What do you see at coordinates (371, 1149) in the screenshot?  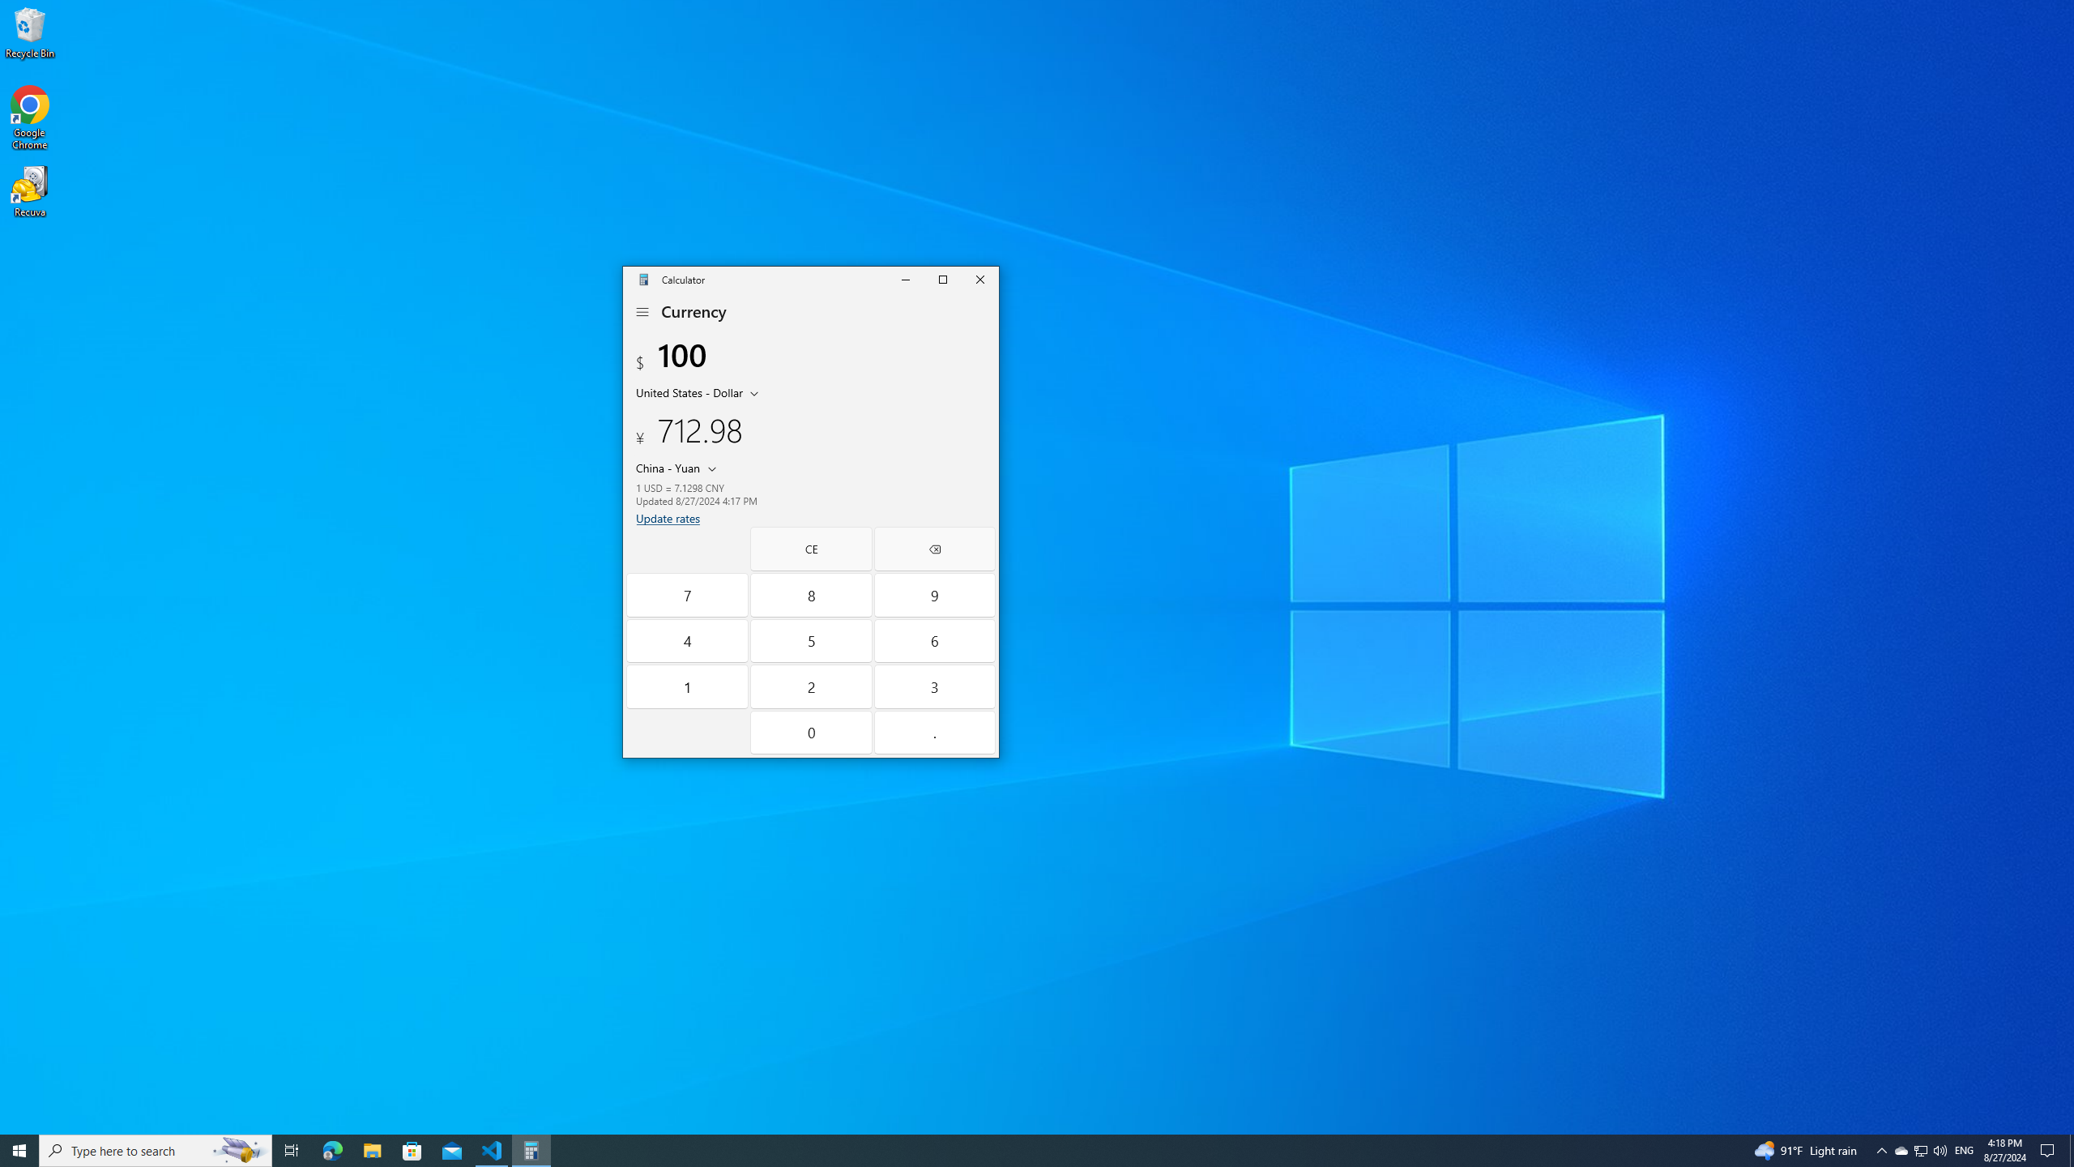 I see `'File Explorer'` at bounding box center [371, 1149].